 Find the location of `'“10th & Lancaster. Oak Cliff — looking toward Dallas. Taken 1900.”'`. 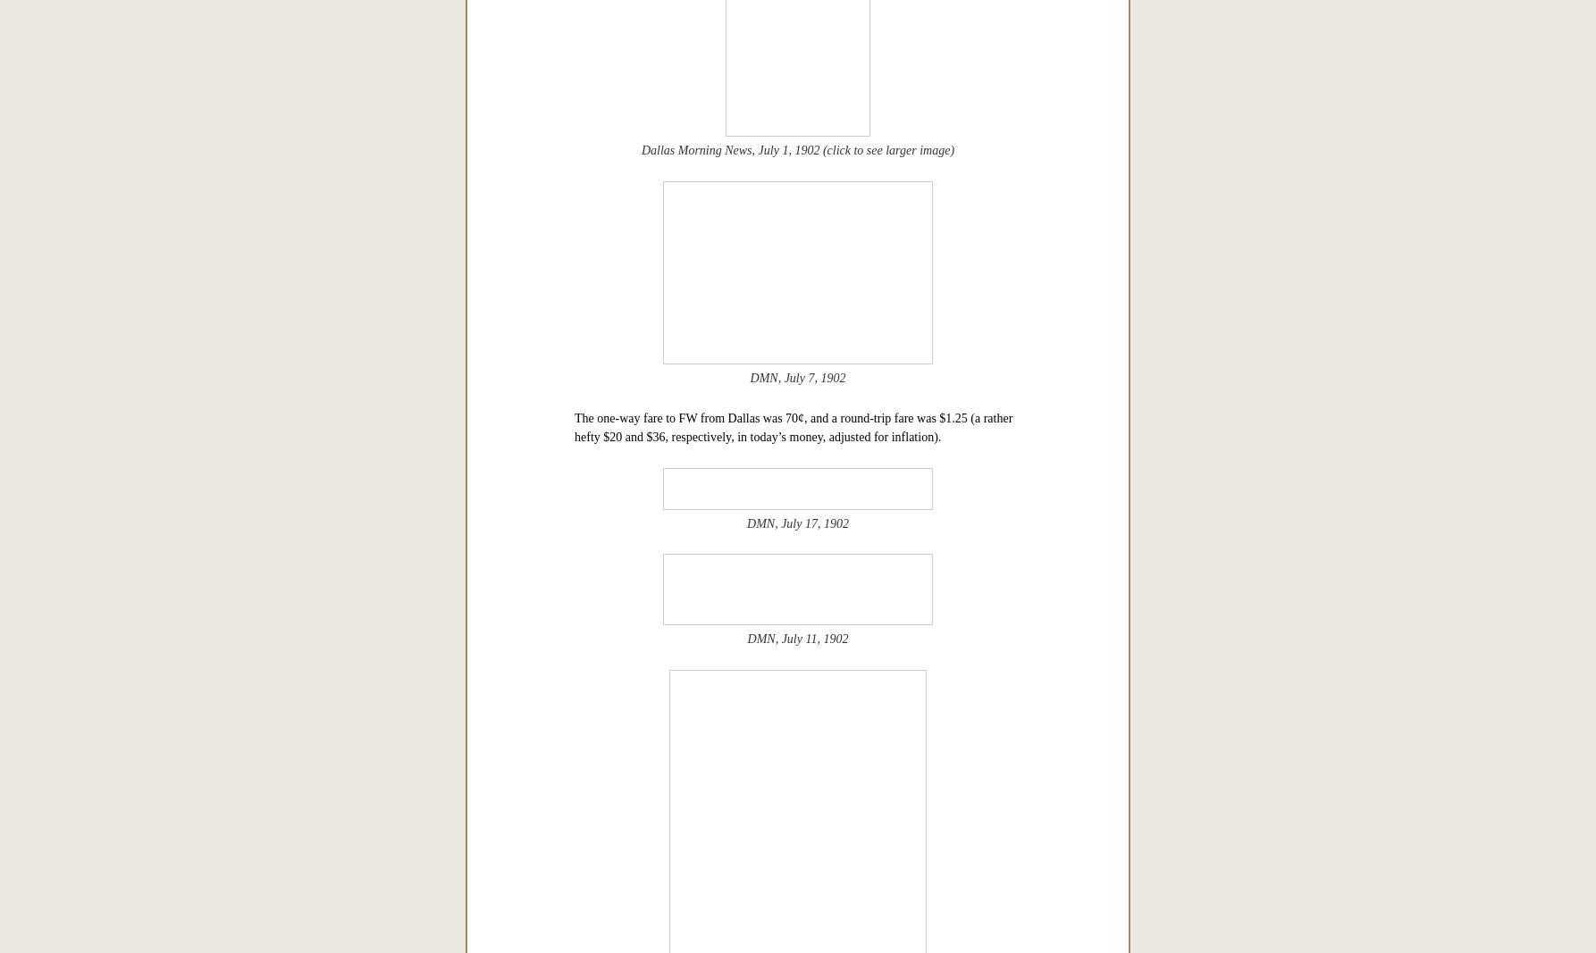

'“10th & Lancaster. Oak Cliff — looking toward Dallas. Taken 1900.”' is located at coordinates (604, 146).